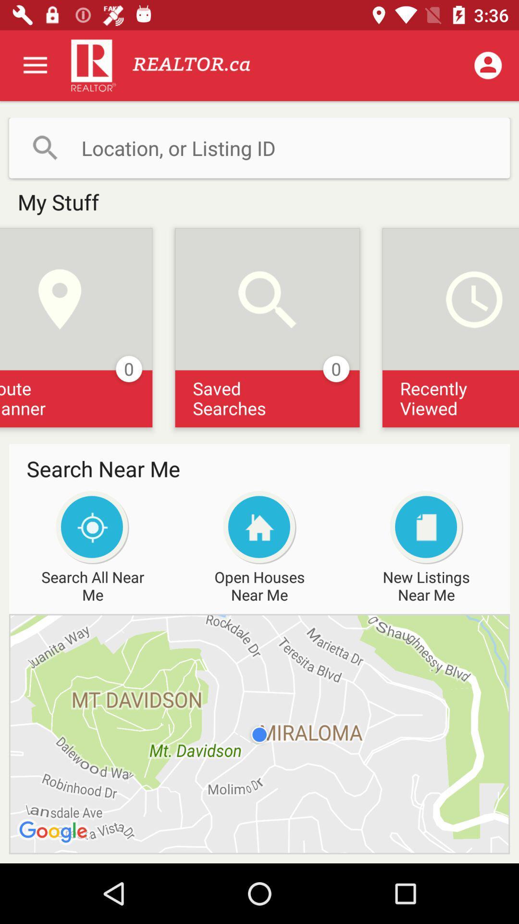  What do you see at coordinates (259, 147) in the screenshot?
I see `location entry button` at bounding box center [259, 147].